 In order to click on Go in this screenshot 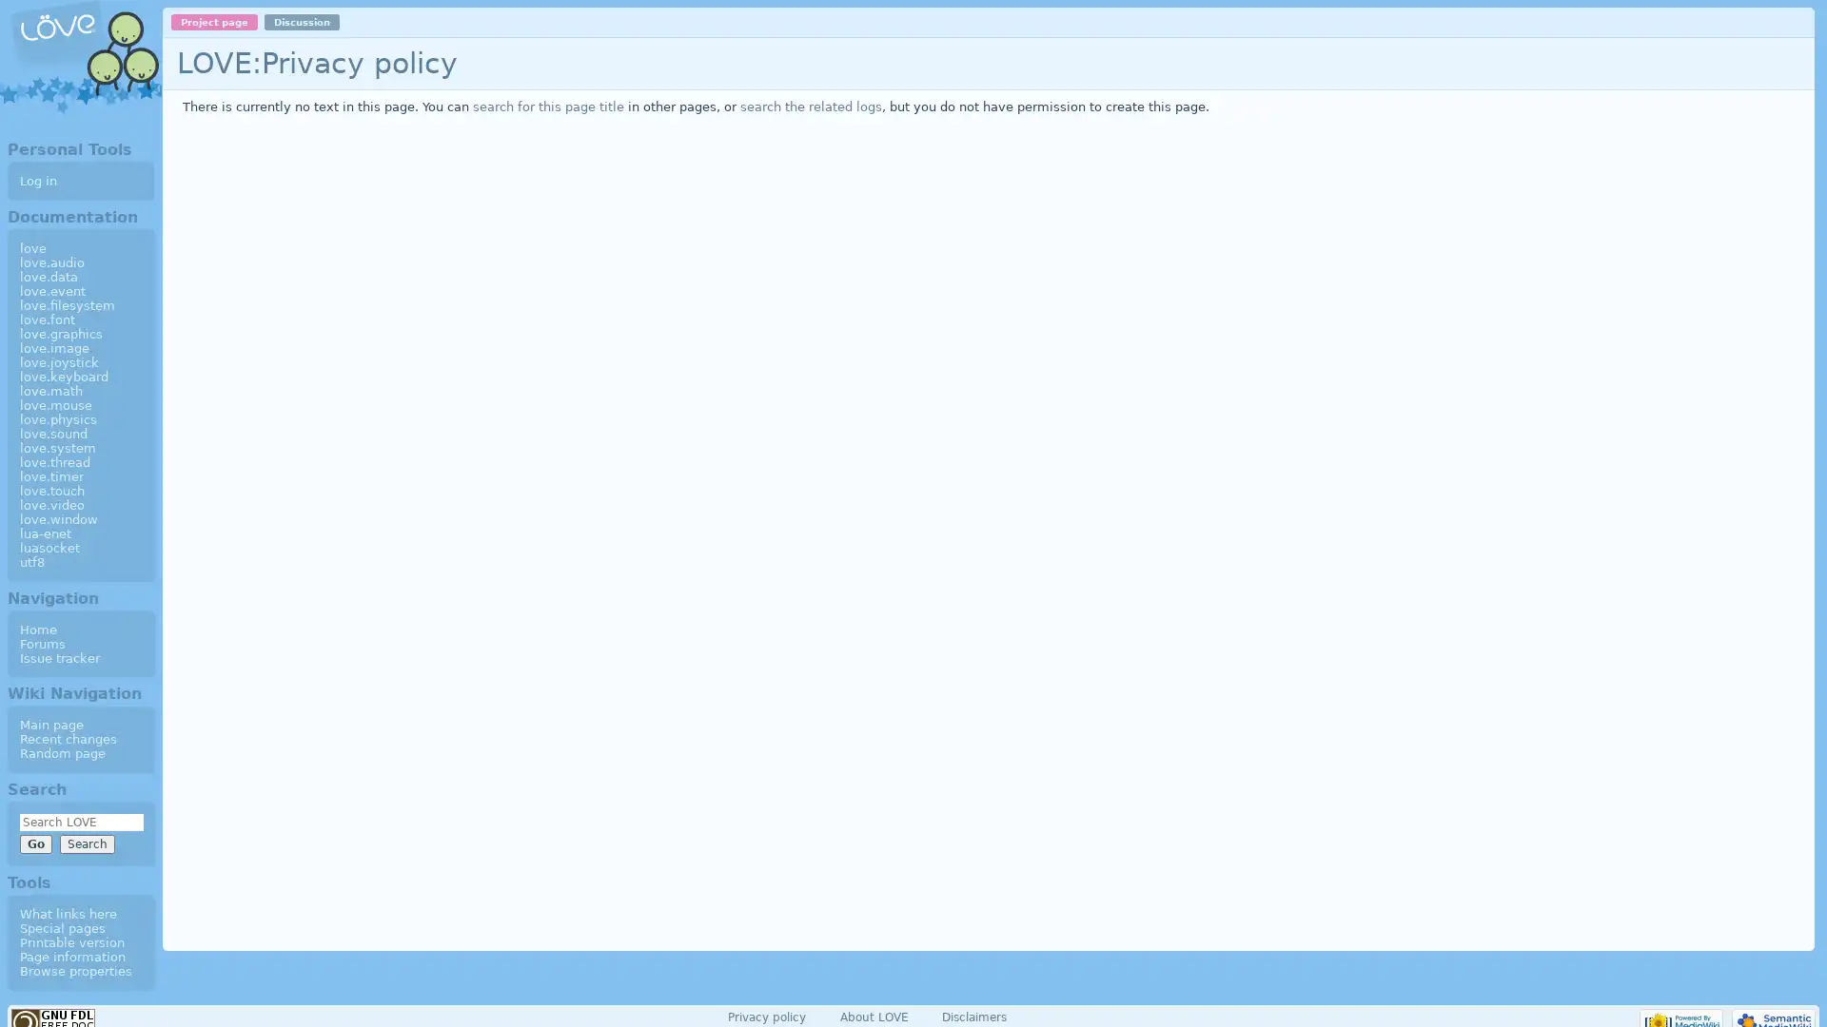, I will do `click(35, 843)`.